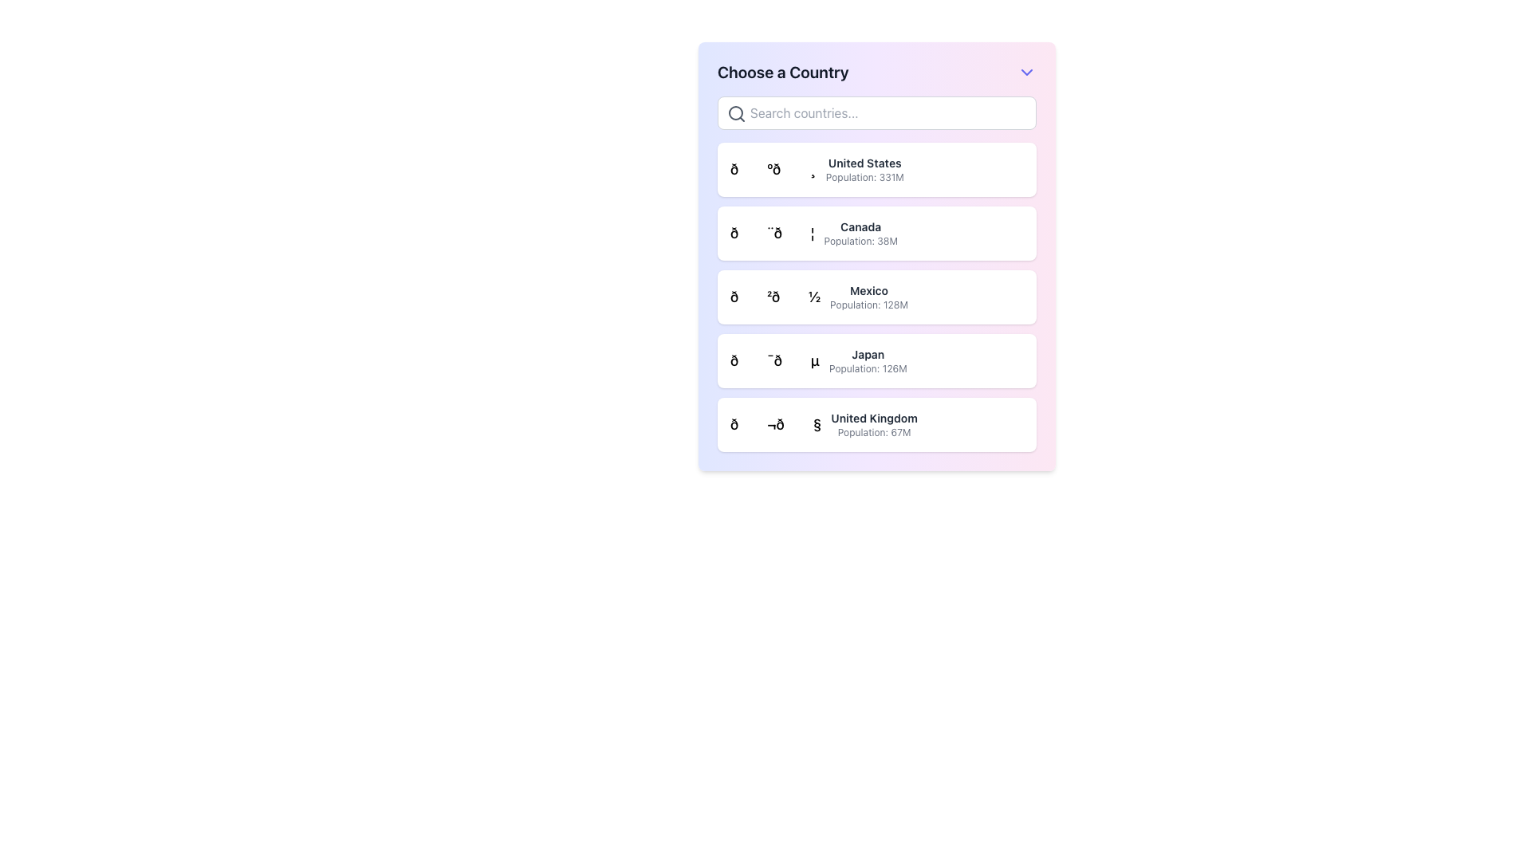  I want to click on the fifth selectable country option in the list, which displays 'United Kingdom' and its population details, so click(824, 423).